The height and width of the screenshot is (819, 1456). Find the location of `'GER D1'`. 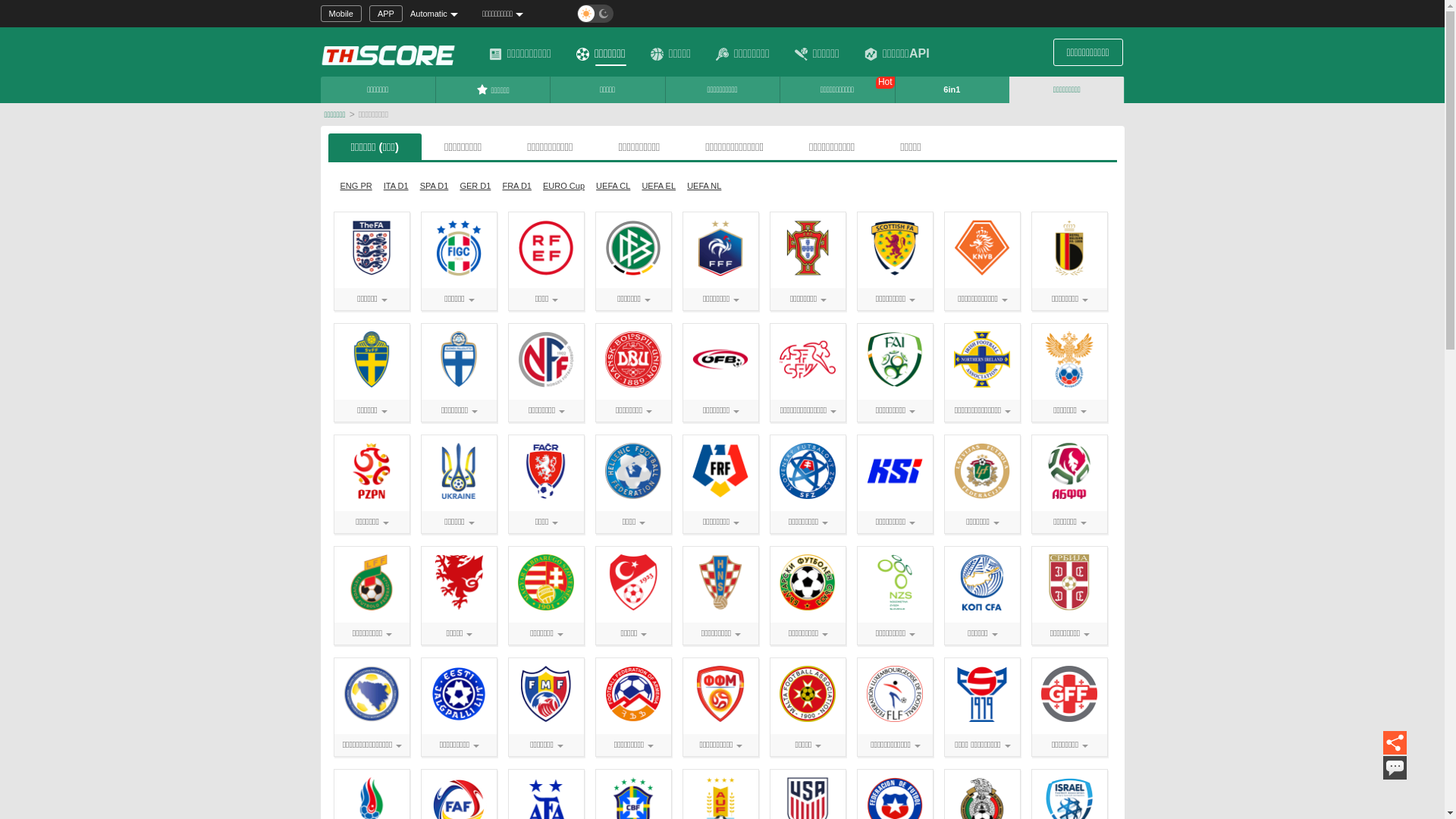

'GER D1' is located at coordinates (474, 185).